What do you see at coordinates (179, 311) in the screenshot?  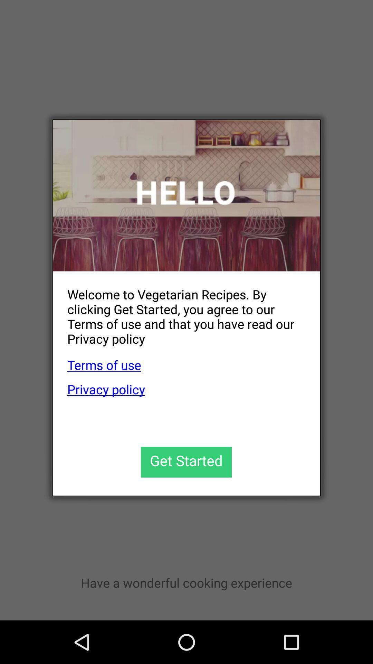 I see `app above terms of use app` at bounding box center [179, 311].